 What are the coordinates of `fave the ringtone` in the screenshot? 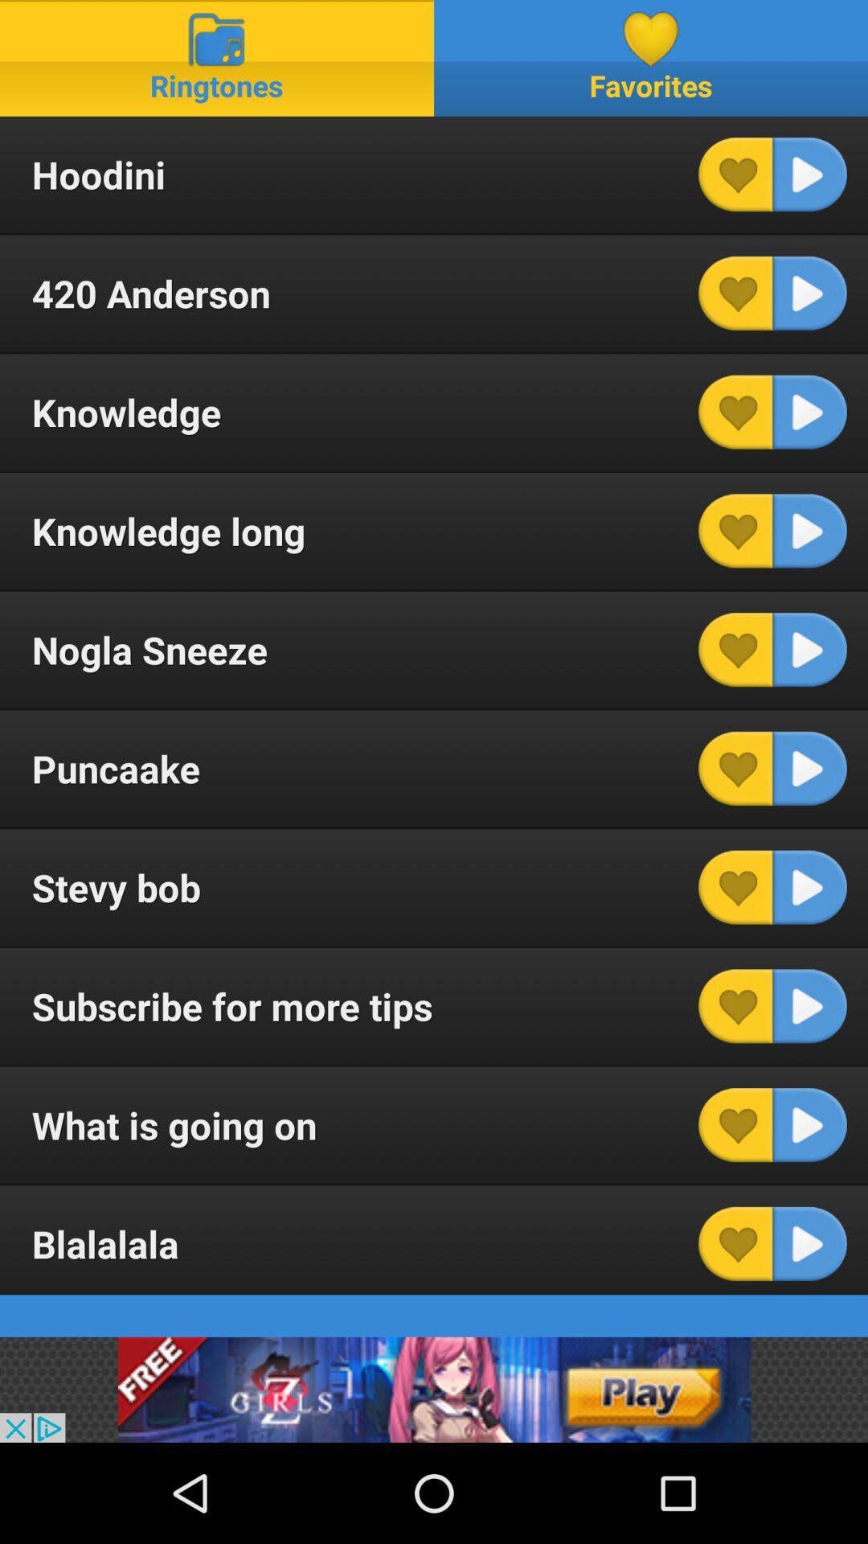 It's located at (735, 767).